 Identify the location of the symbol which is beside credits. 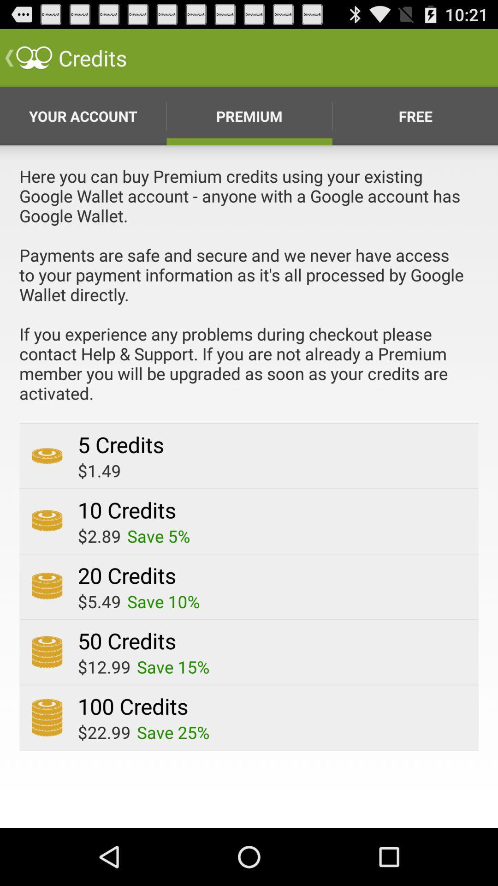
(33, 57).